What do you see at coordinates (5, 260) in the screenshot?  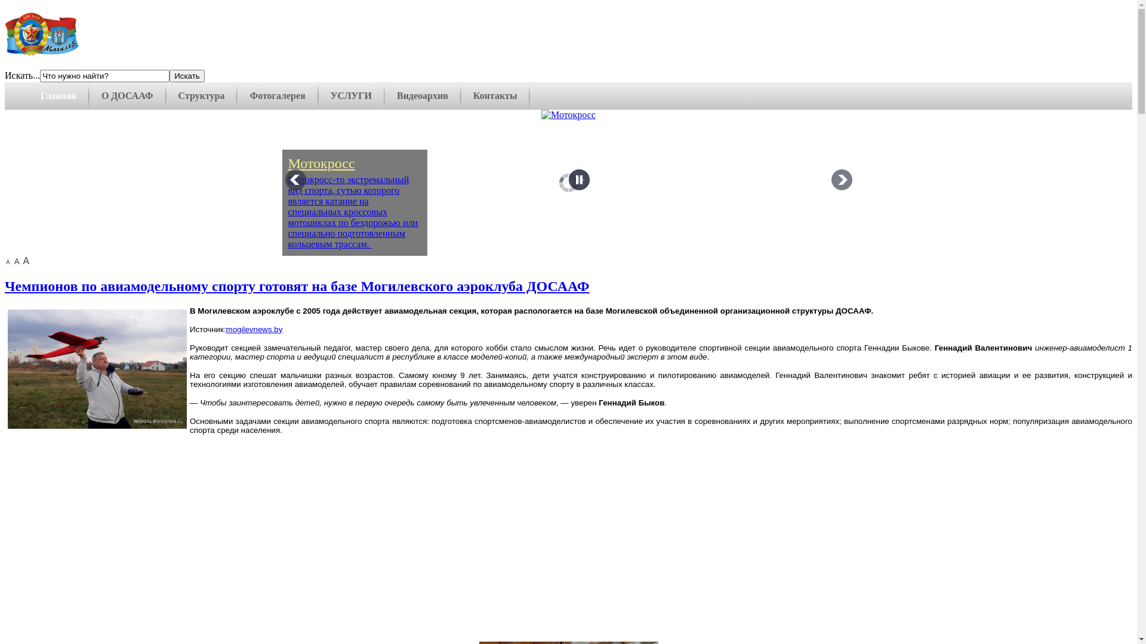 I see `'small size'` at bounding box center [5, 260].